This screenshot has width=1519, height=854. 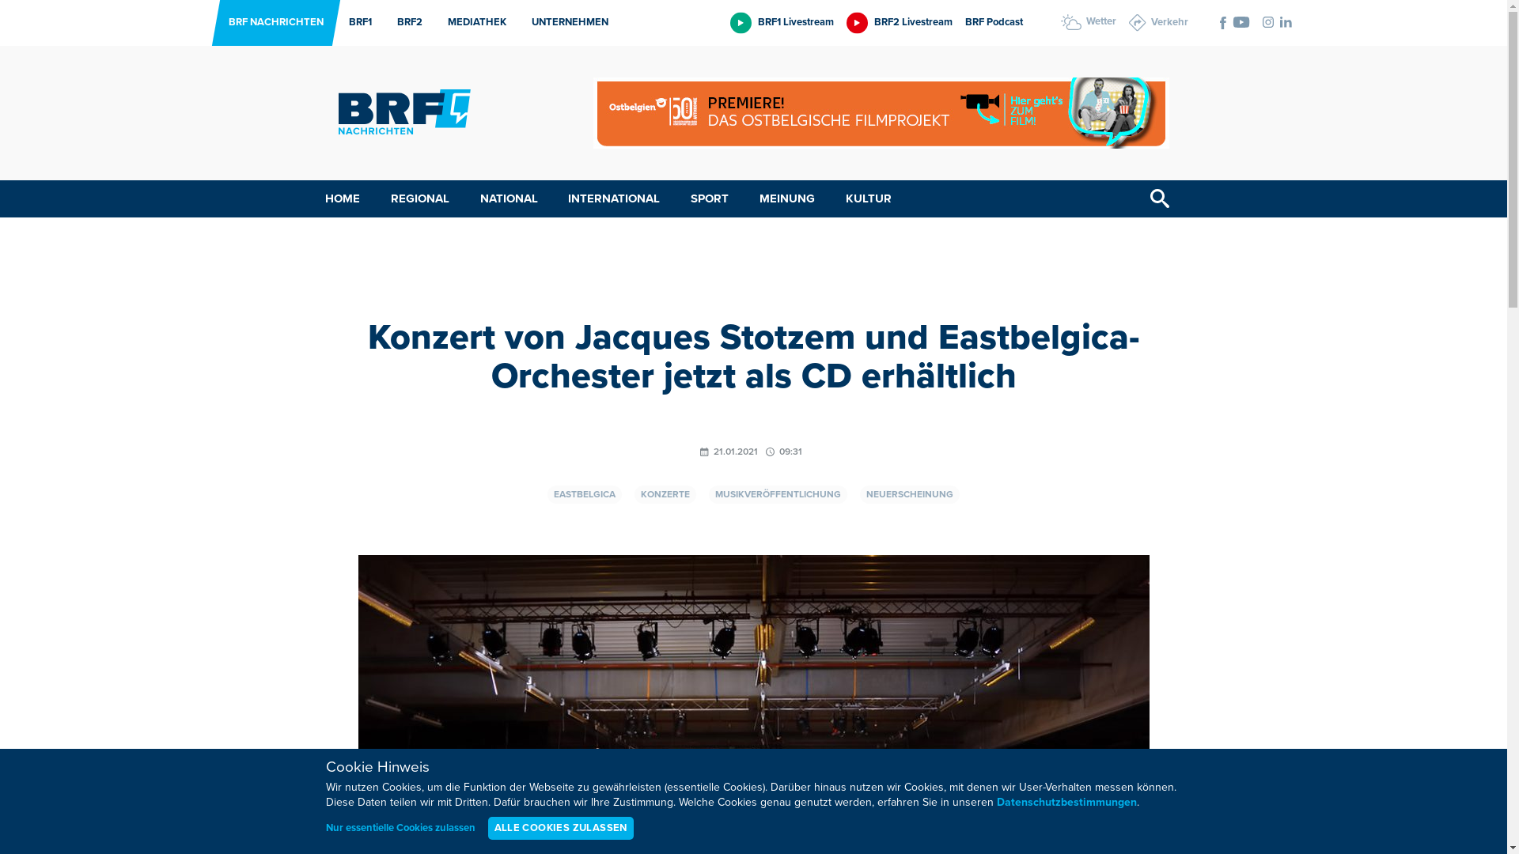 What do you see at coordinates (1066, 802) in the screenshot?
I see `'Datenschutzbestimmungen'` at bounding box center [1066, 802].